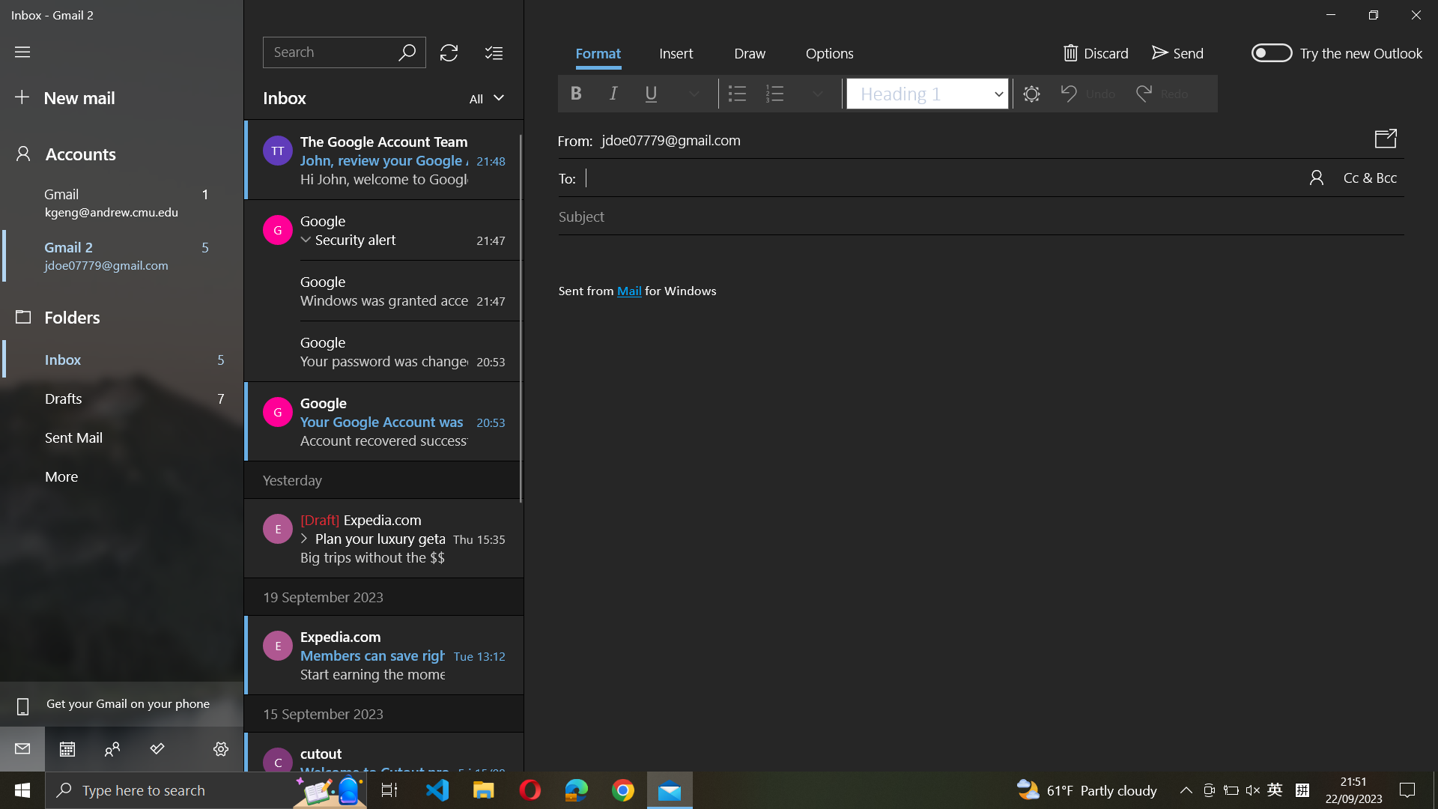 Image resolution: width=1438 pixels, height=809 pixels. Describe the element at coordinates (344, 52) in the screenshot. I see `Locate Google"s emails in the inbox` at that location.